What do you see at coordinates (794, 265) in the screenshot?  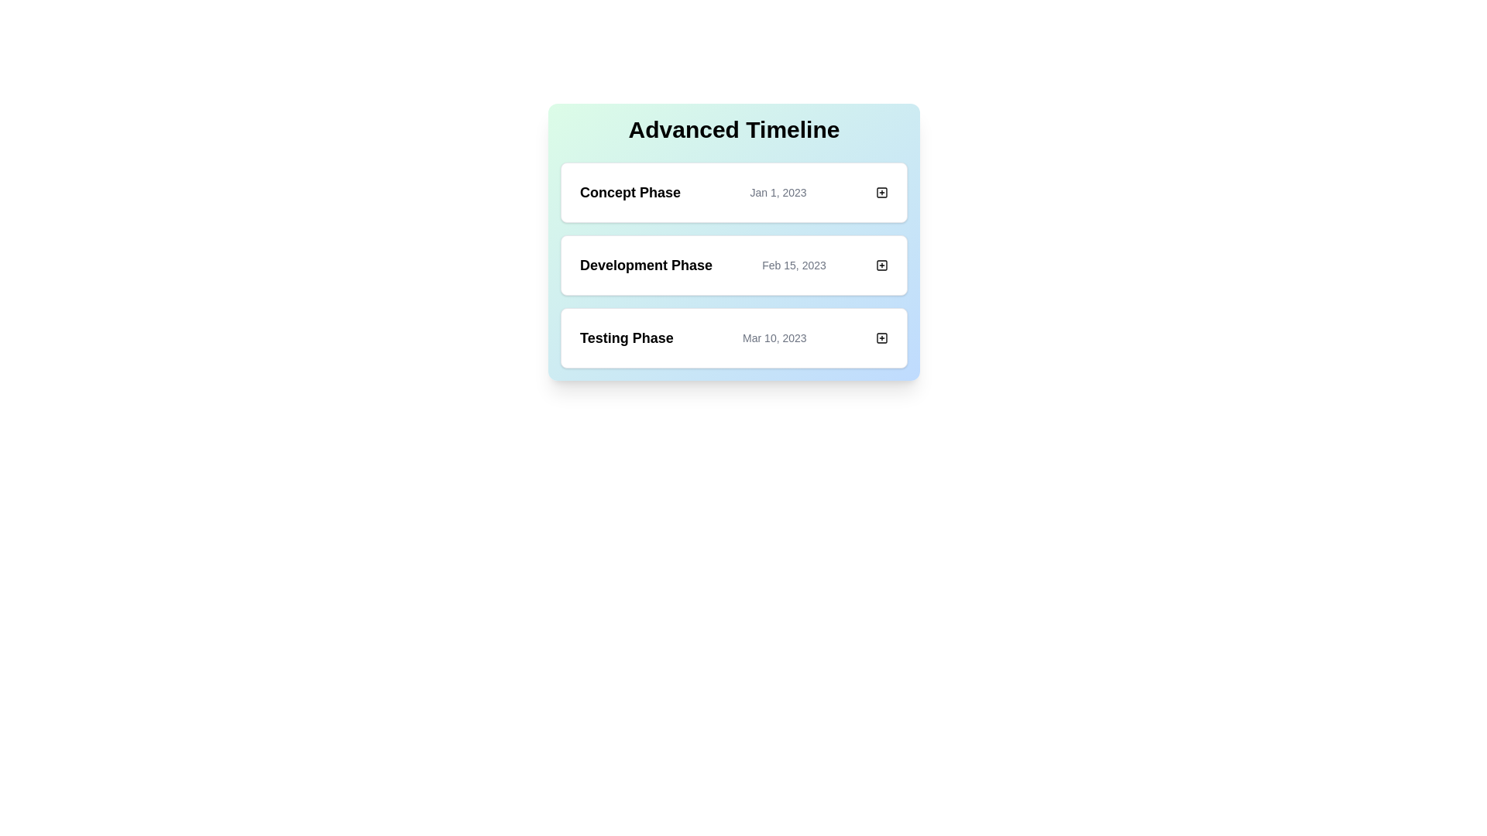 I see `the displayed date from the text label indicating the deadline` at bounding box center [794, 265].